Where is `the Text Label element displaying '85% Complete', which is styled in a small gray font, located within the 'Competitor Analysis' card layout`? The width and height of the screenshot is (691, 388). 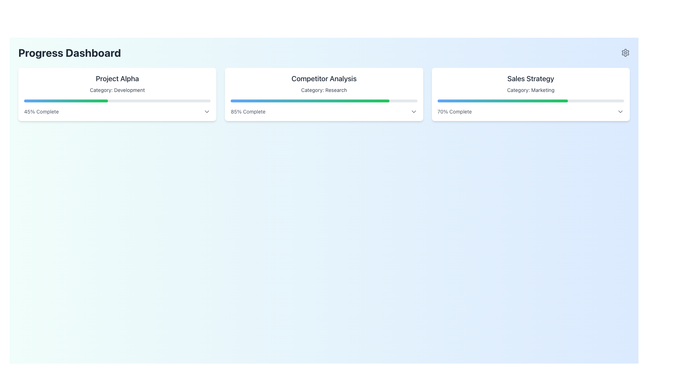
the Text Label element displaying '85% Complete', which is styled in a small gray font, located within the 'Competitor Analysis' card layout is located at coordinates (248, 112).